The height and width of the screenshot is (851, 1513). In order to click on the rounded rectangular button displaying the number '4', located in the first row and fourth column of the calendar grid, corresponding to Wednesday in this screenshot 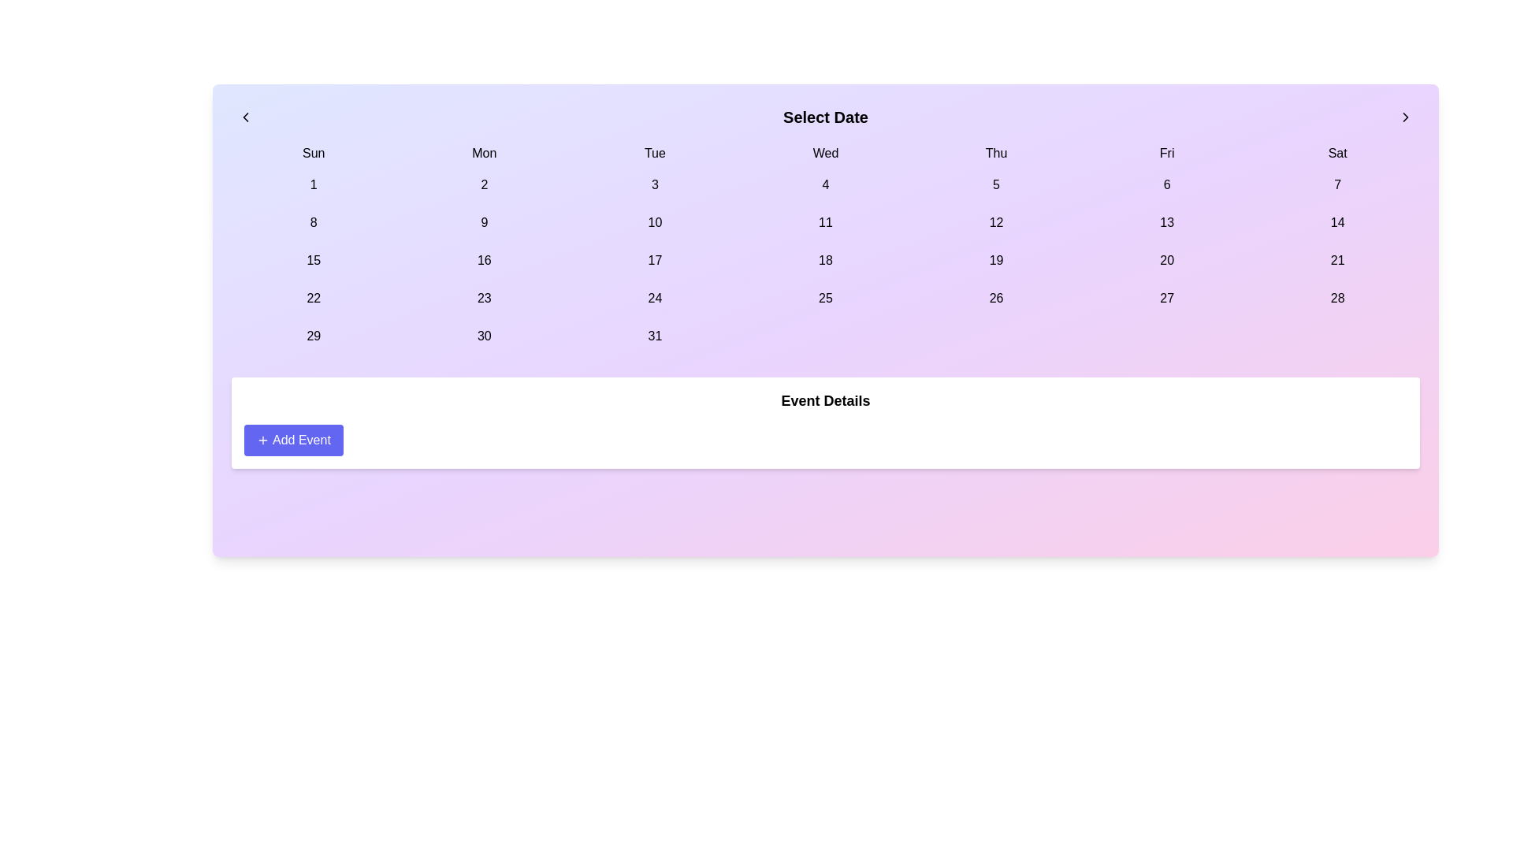, I will do `click(824, 184)`.